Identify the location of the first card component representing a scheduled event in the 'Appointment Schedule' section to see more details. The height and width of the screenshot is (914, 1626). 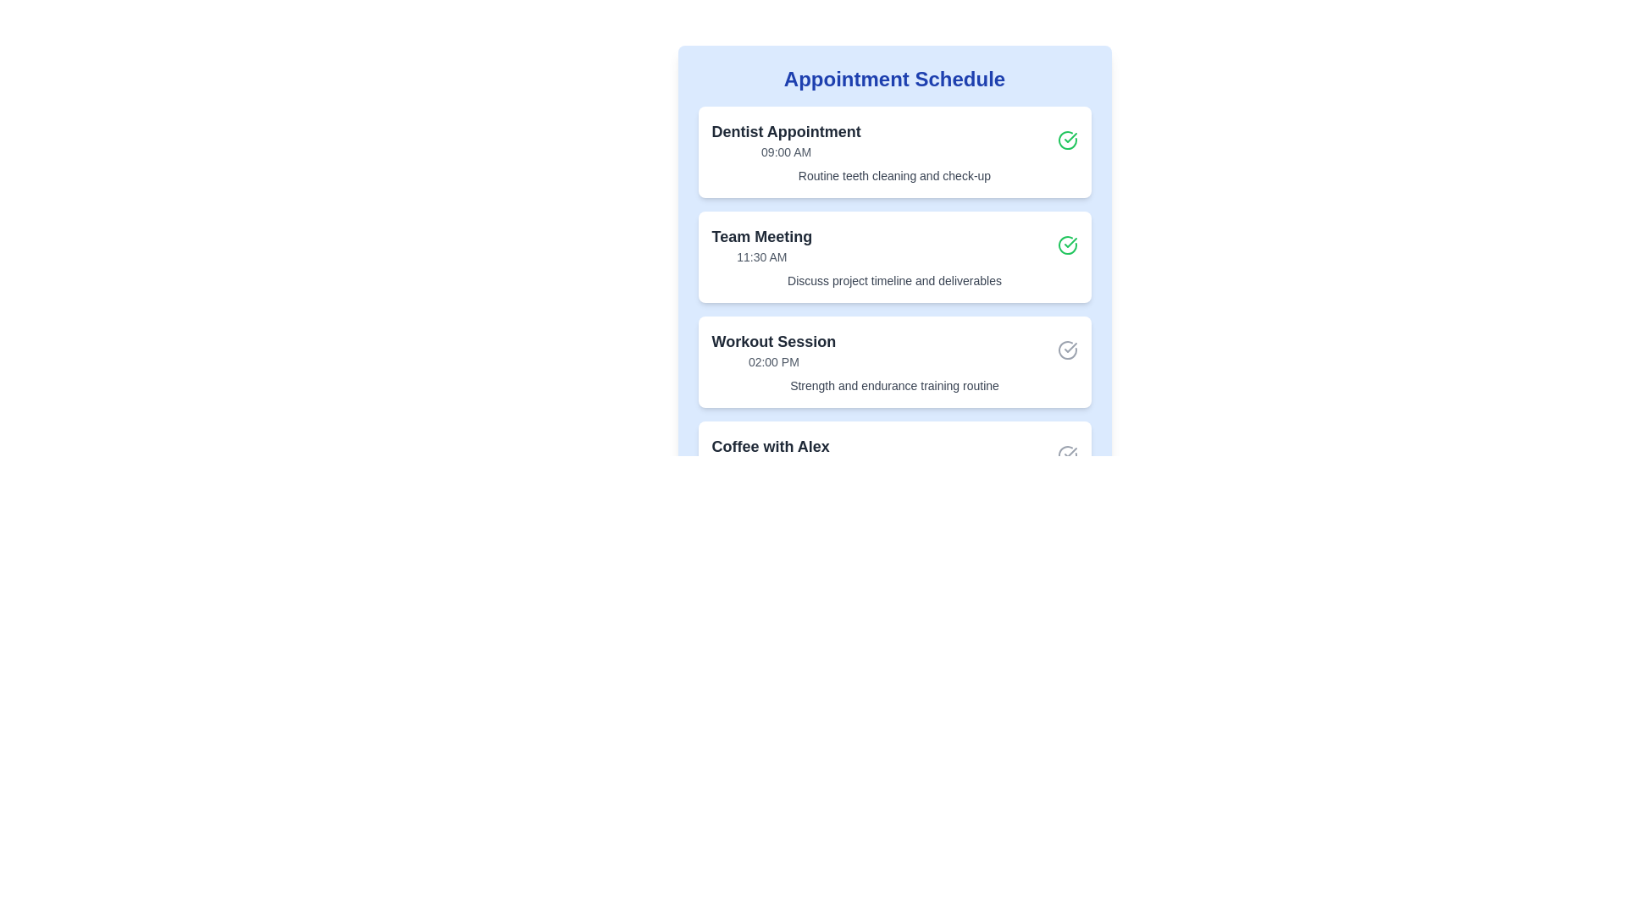
(893, 152).